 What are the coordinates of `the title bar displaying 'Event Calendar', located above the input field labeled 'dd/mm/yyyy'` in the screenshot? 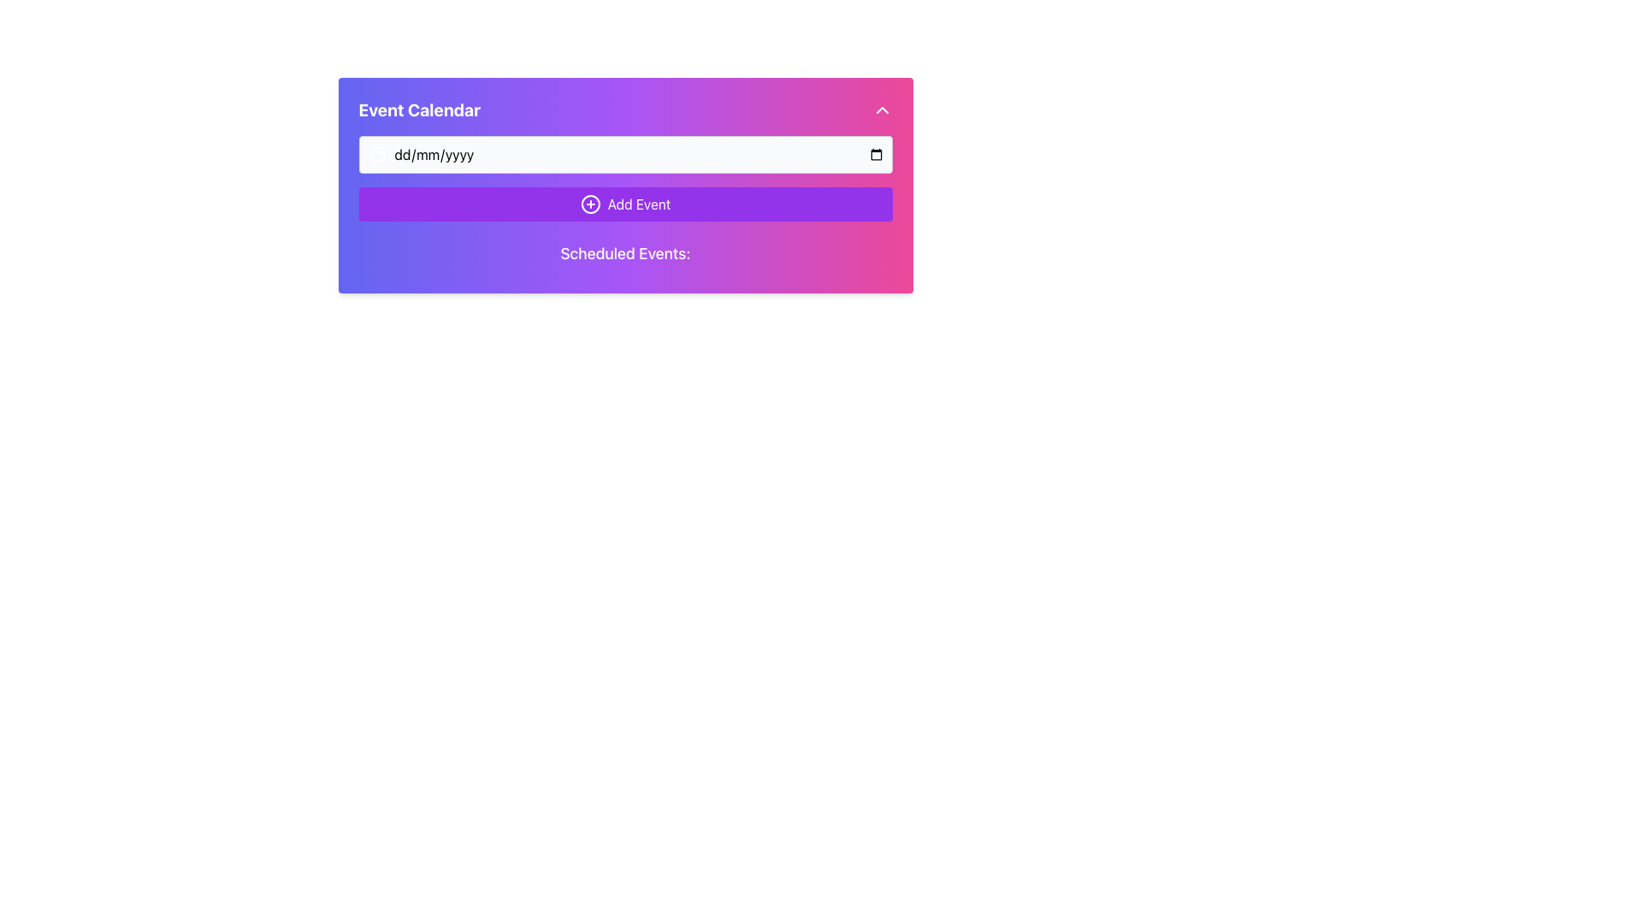 It's located at (624, 110).